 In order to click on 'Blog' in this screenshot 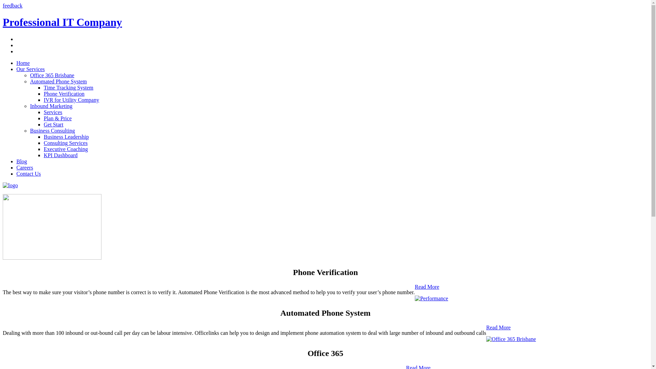, I will do `click(22, 161)`.